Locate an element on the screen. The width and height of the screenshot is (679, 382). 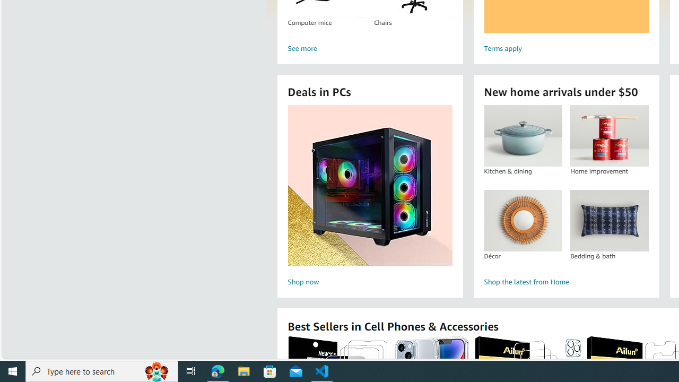
'Deals in PCs' is located at coordinates (370, 185).